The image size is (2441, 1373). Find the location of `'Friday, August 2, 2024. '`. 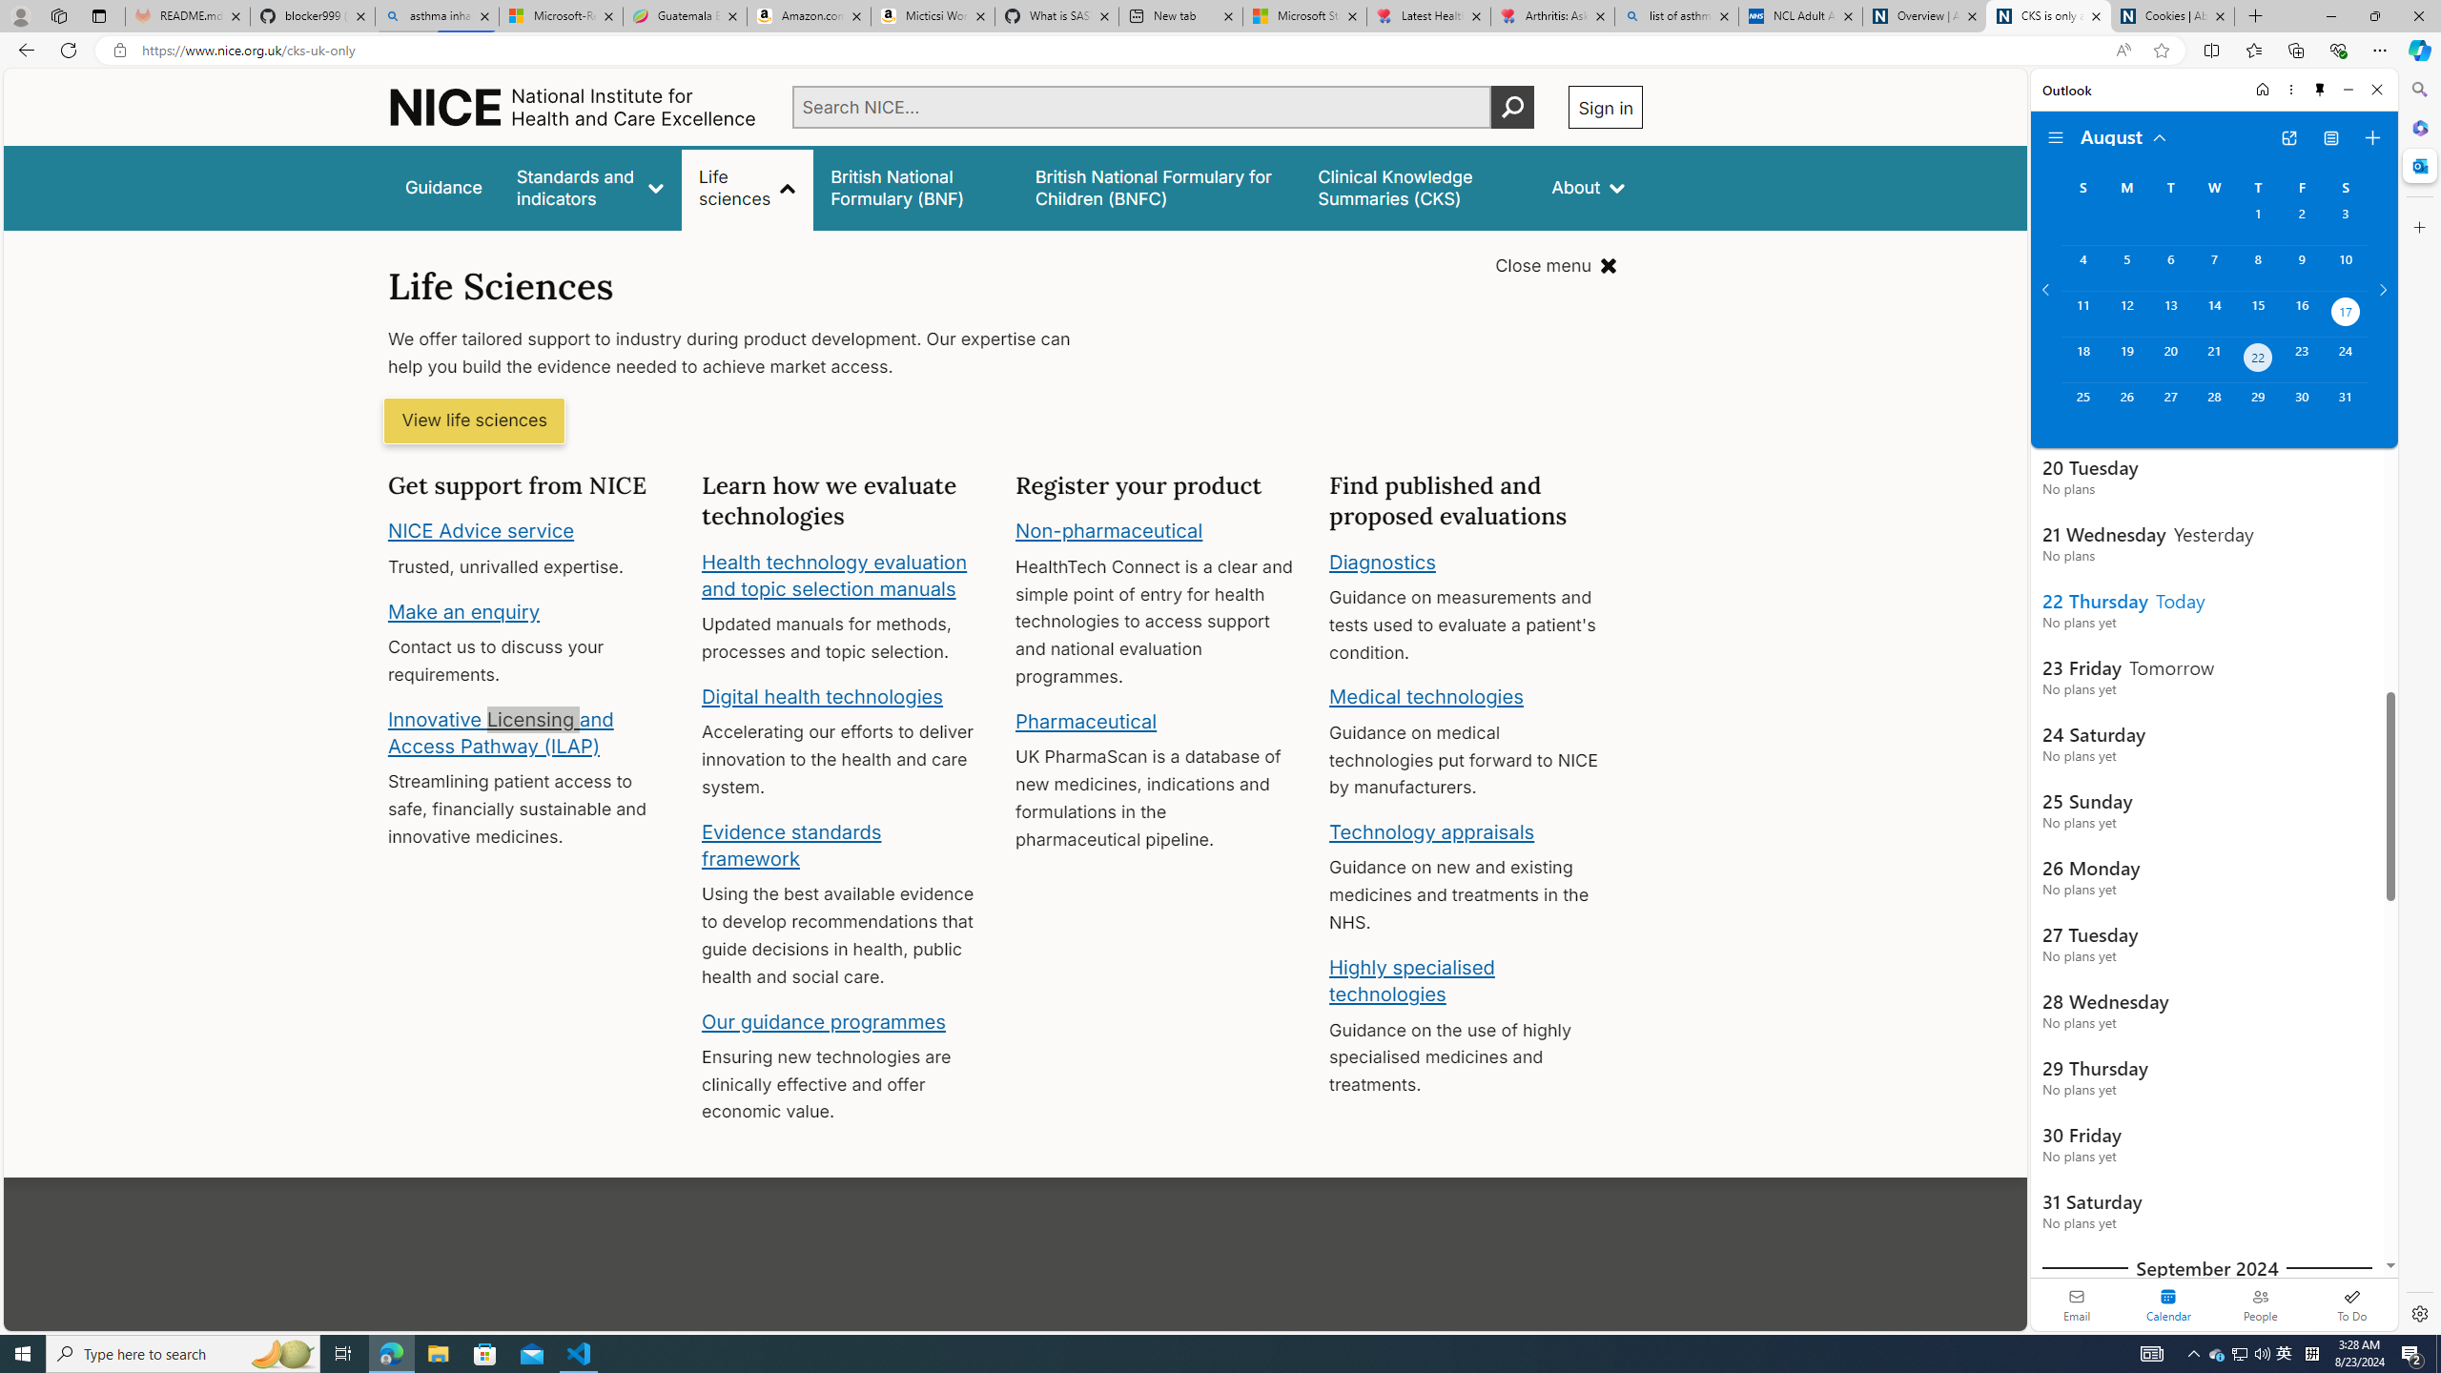

'Friday, August 2, 2024. ' is located at coordinates (2301, 222).